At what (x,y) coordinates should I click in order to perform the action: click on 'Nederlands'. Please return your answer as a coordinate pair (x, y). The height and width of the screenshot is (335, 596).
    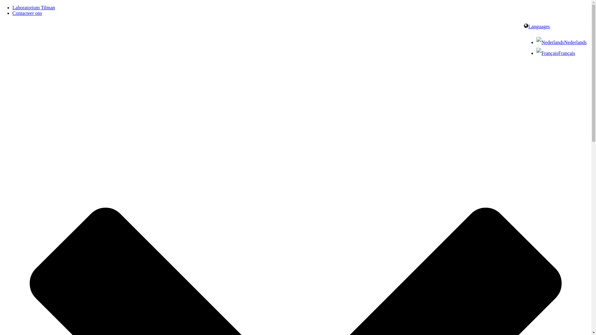
    Looking at the image, I should click on (562, 42).